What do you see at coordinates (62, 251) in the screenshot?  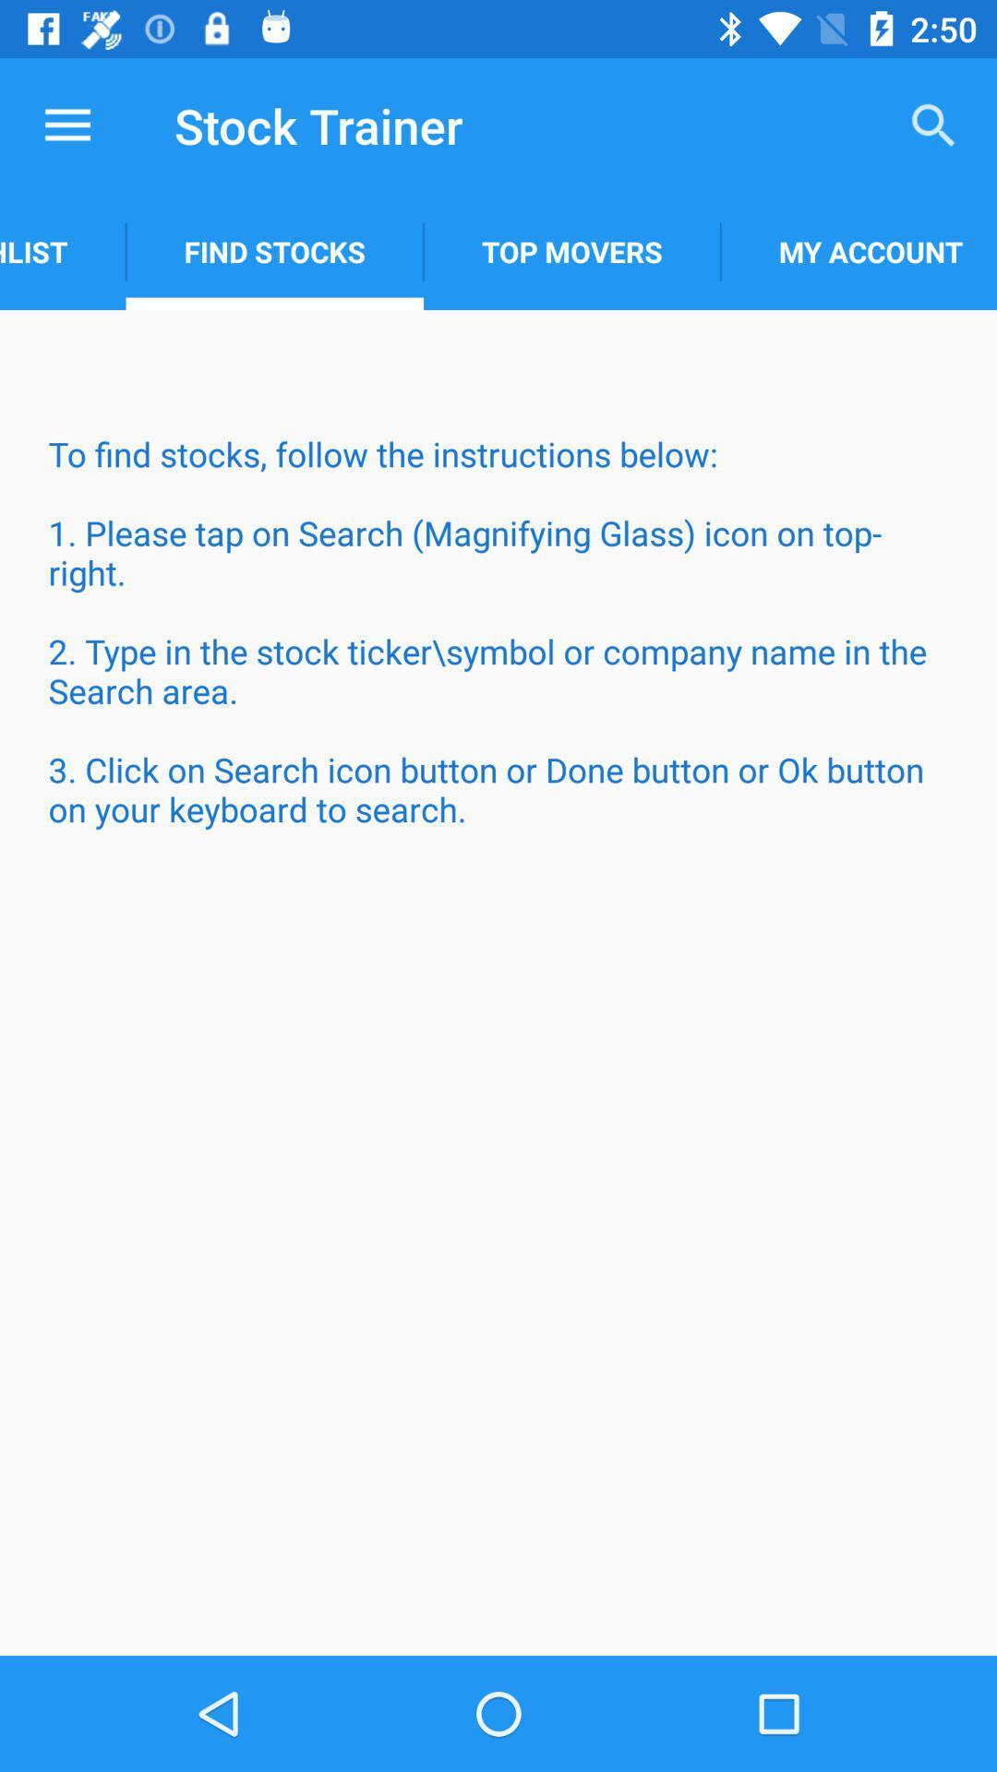 I see `the icon to the left of find stocks item` at bounding box center [62, 251].